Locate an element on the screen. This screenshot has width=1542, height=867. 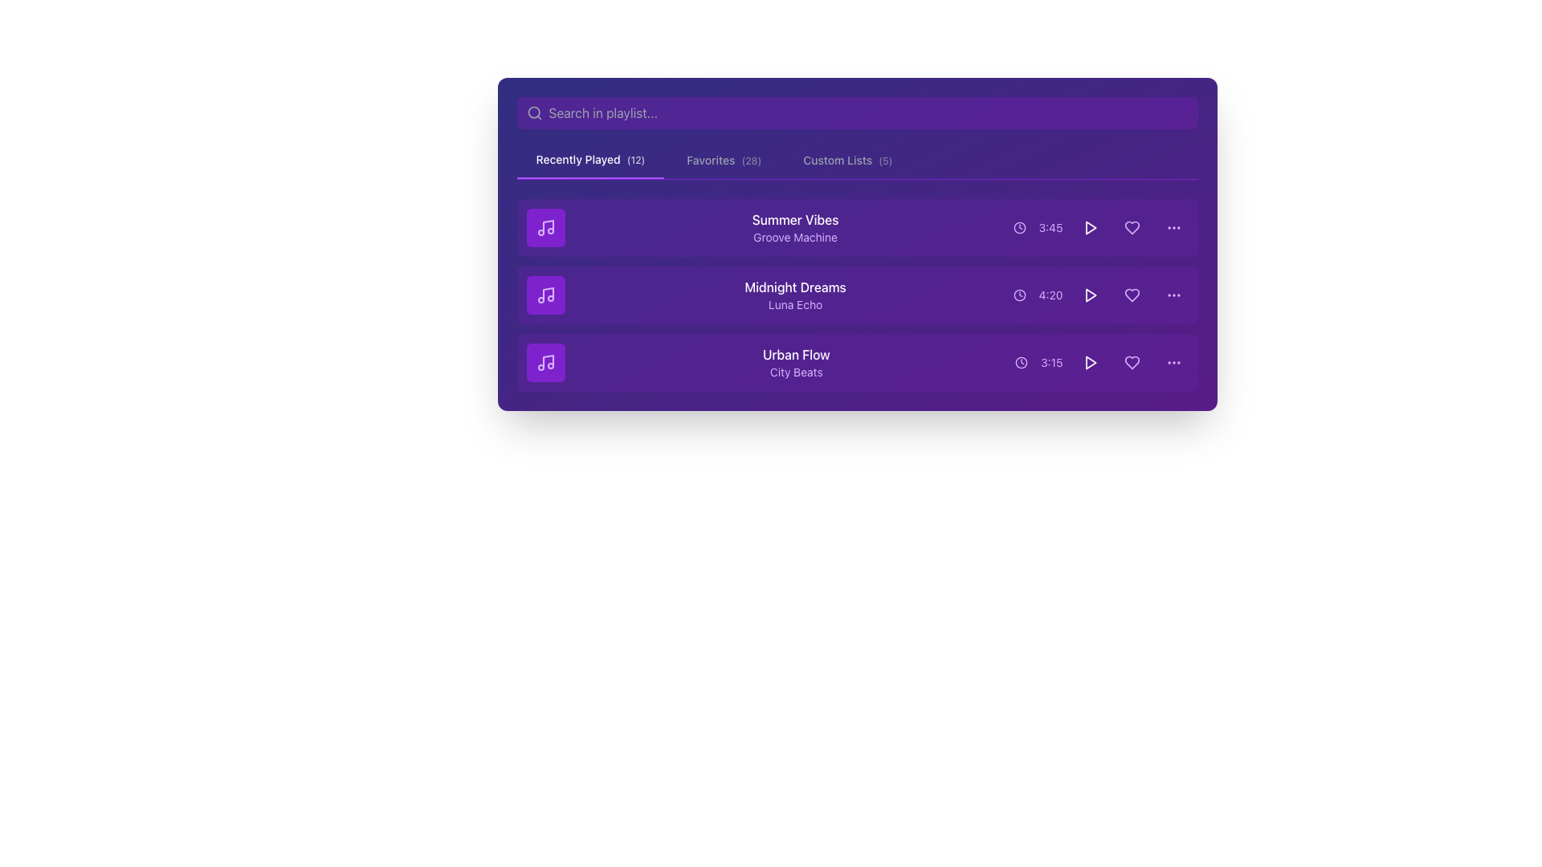
the circular button with a purple background containing three horizontal dots is located at coordinates (1173, 295).